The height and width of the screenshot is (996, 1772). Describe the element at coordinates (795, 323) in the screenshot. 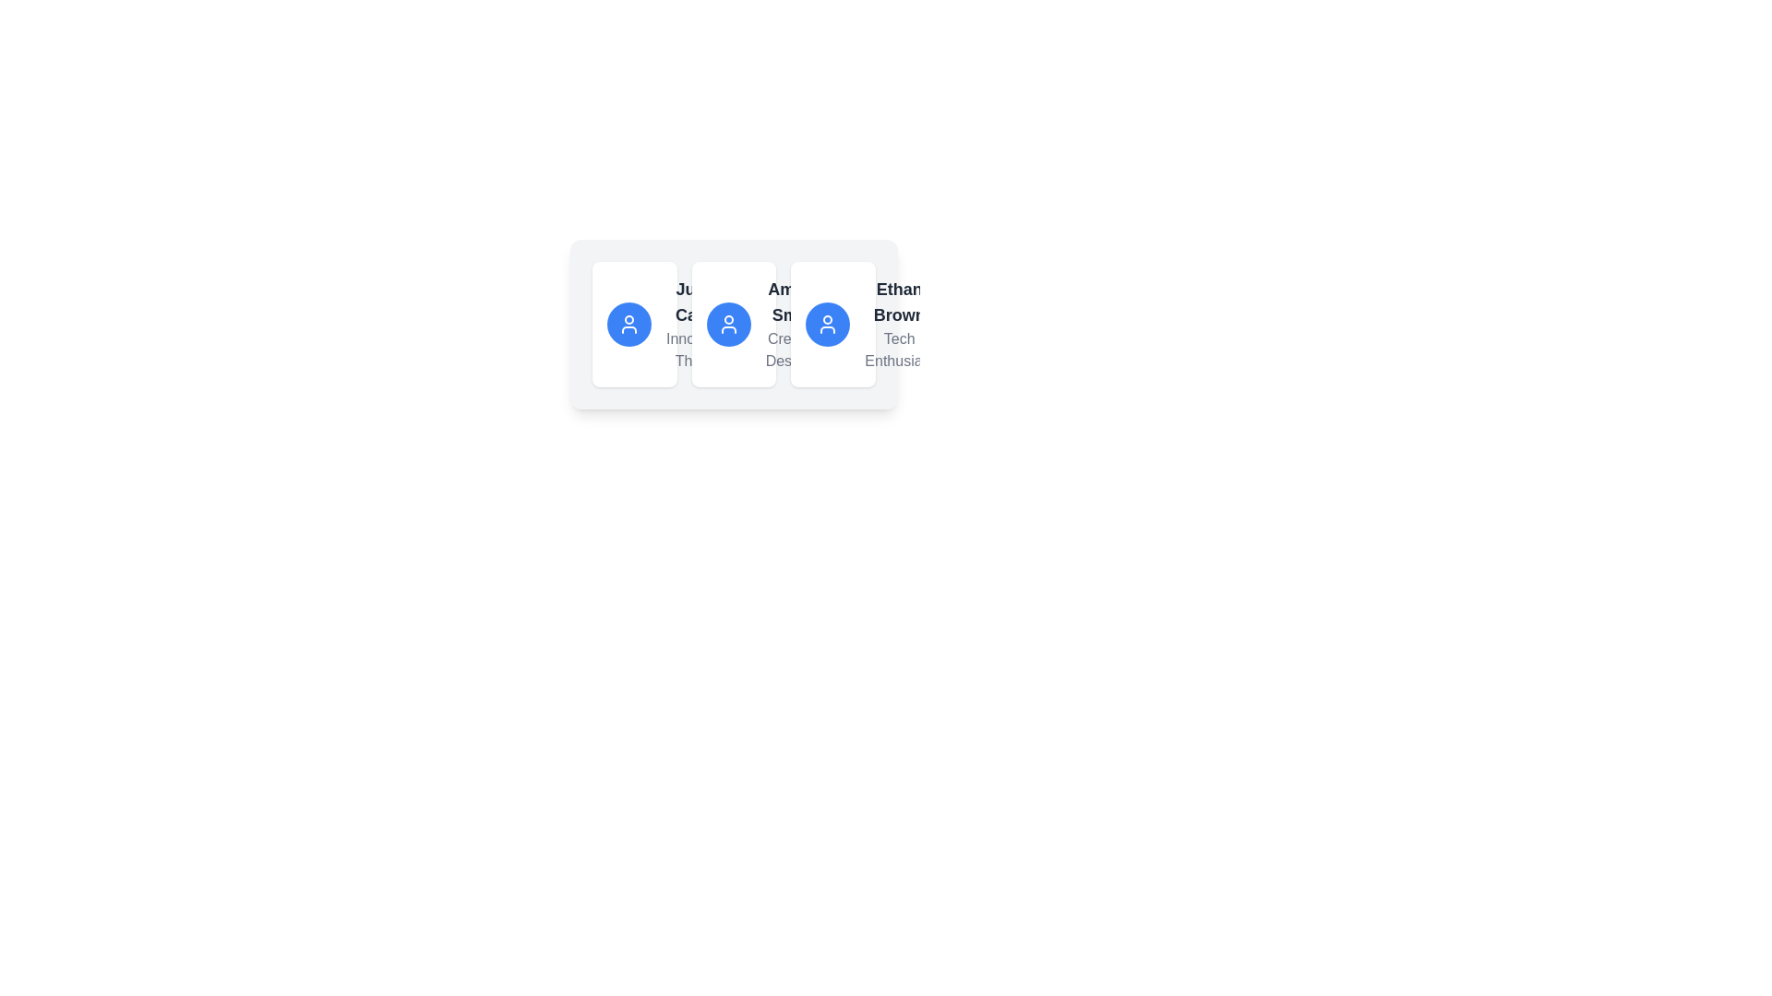

I see `user profile details displayed in the text content of the second card, which includes the user's name and professional role, located next to a circular blue icon` at that location.